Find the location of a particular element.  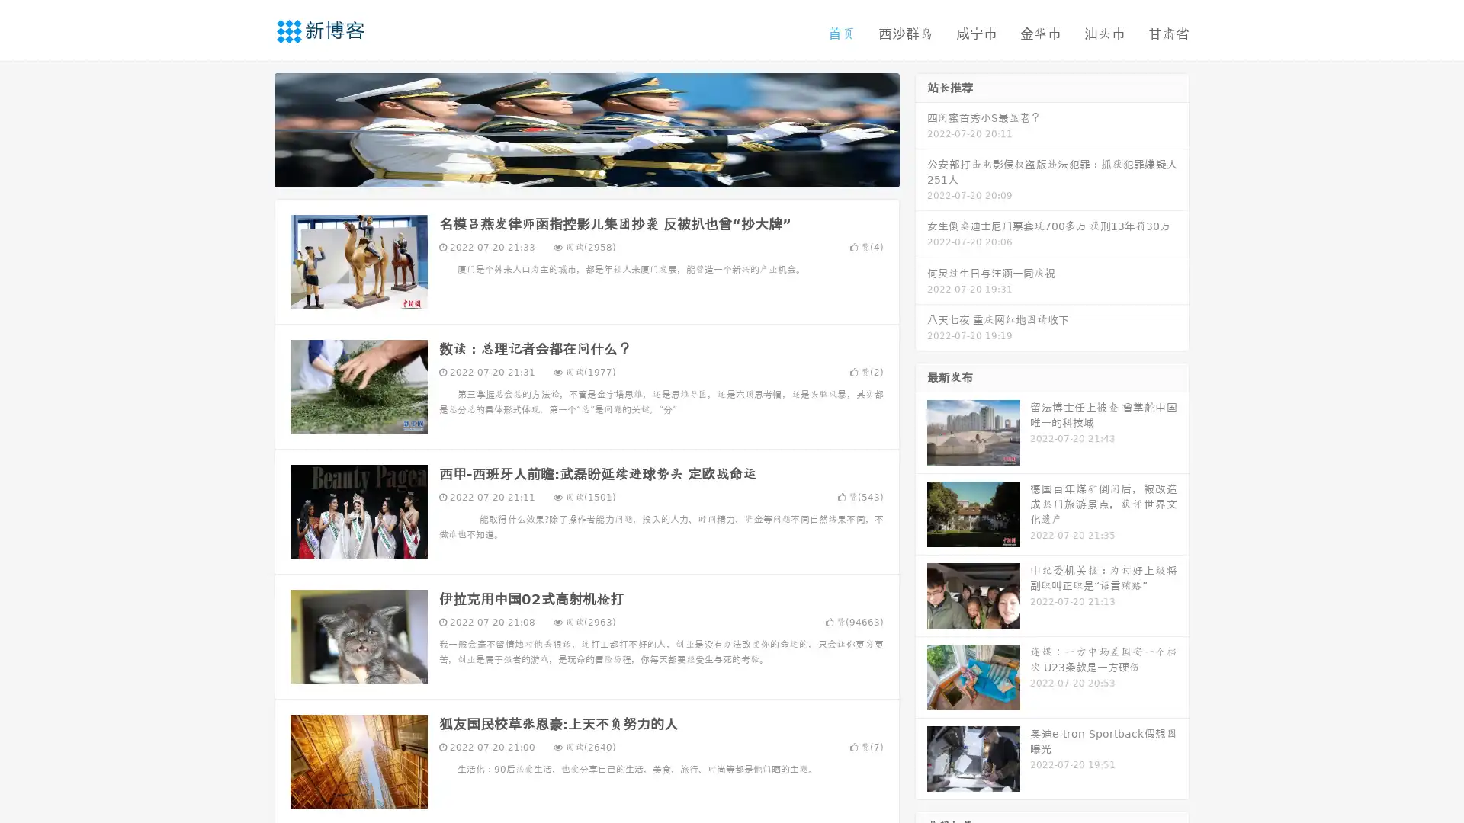

Next slide is located at coordinates (921, 128).